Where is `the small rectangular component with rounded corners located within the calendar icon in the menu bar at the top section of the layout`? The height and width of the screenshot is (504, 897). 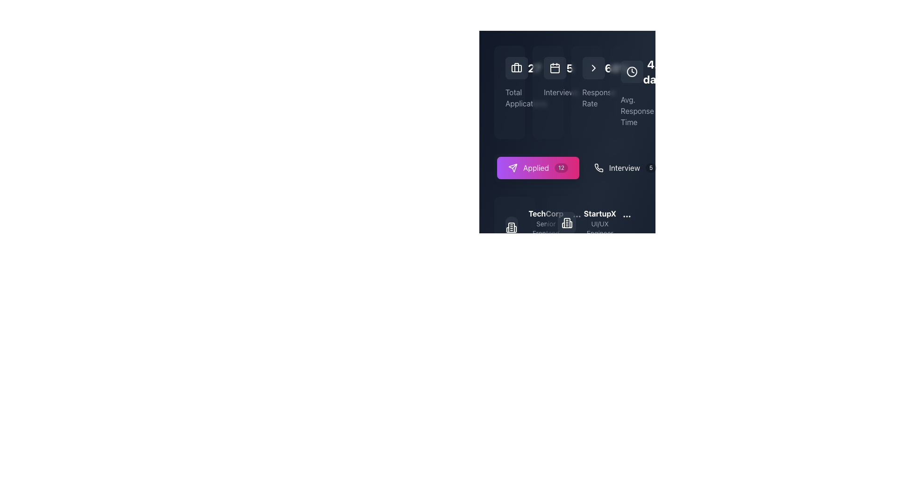 the small rectangular component with rounded corners located within the calendar icon in the menu bar at the top section of the layout is located at coordinates (555, 68).